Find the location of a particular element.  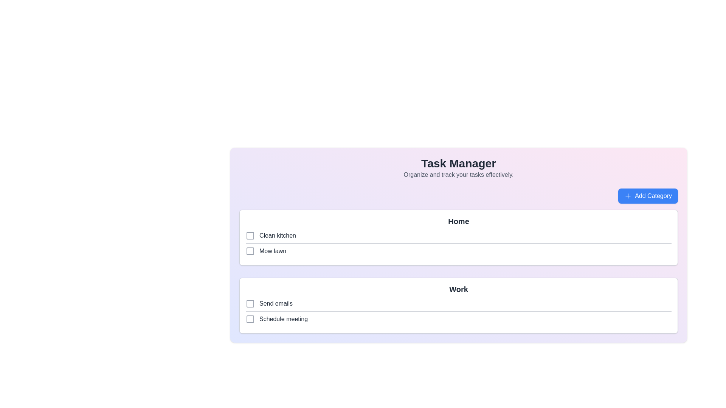

the task entry labeled 'Mow lawn' in the 'Home' section is located at coordinates (458, 252).